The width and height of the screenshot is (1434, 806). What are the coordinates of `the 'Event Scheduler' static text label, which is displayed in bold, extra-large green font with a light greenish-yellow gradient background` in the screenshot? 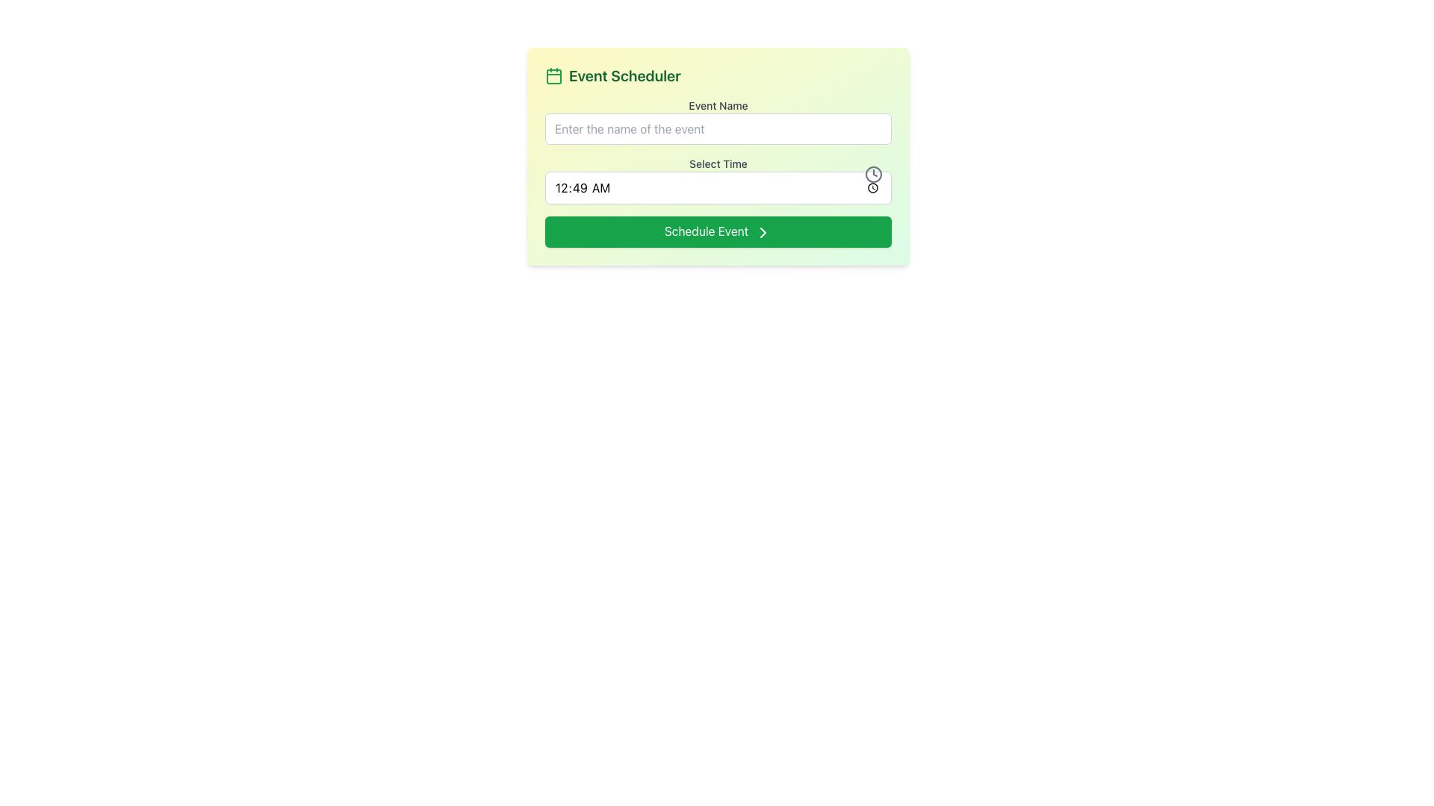 It's located at (624, 75).